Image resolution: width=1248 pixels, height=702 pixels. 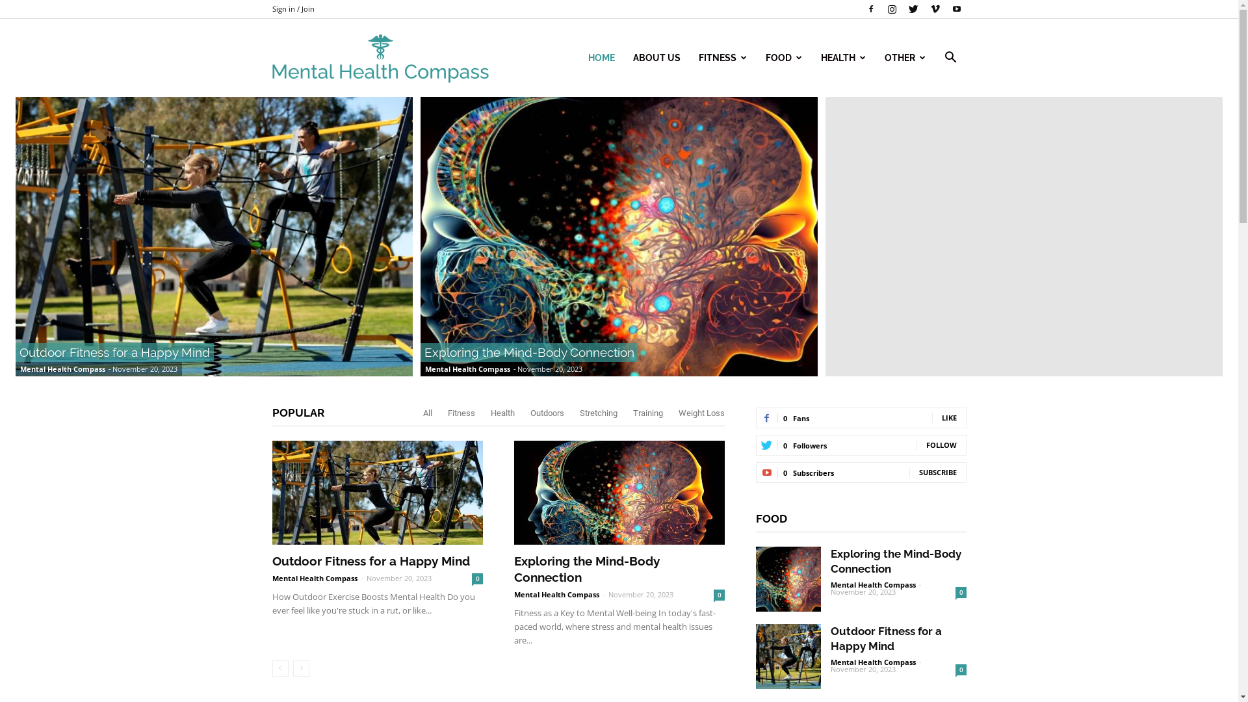 I want to click on 'SUBSCRIBE', so click(x=938, y=472).